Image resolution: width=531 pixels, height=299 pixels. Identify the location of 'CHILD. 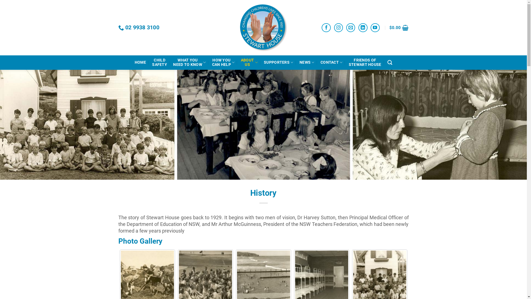
(159, 62).